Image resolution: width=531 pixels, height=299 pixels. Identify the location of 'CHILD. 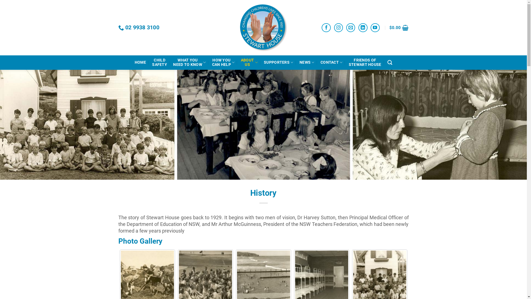
(159, 62).